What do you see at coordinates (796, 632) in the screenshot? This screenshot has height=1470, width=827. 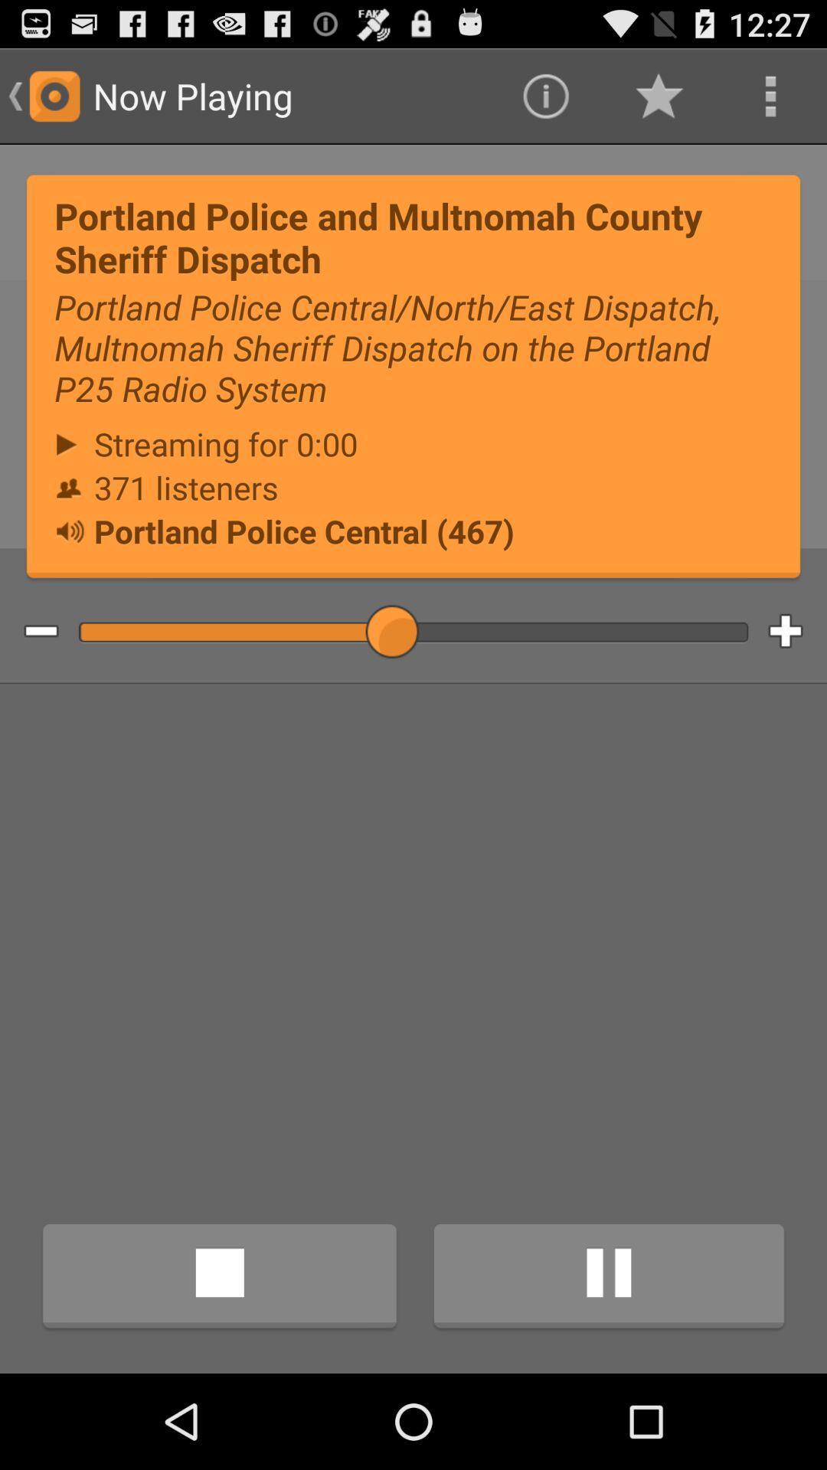 I see `to playlist` at bounding box center [796, 632].